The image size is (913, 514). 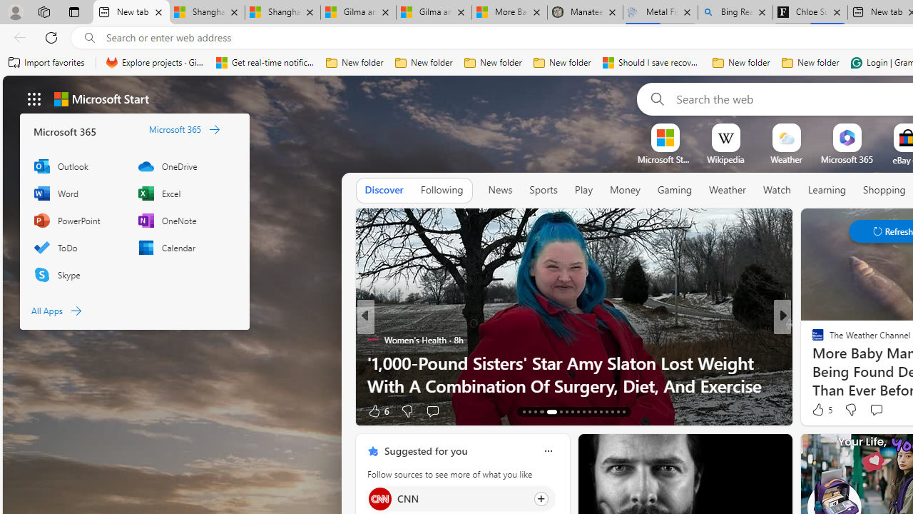 What do you see at coordinates (78, 274) in the screenshot?
I see `'Skype'` at bounding box center [78, 274].